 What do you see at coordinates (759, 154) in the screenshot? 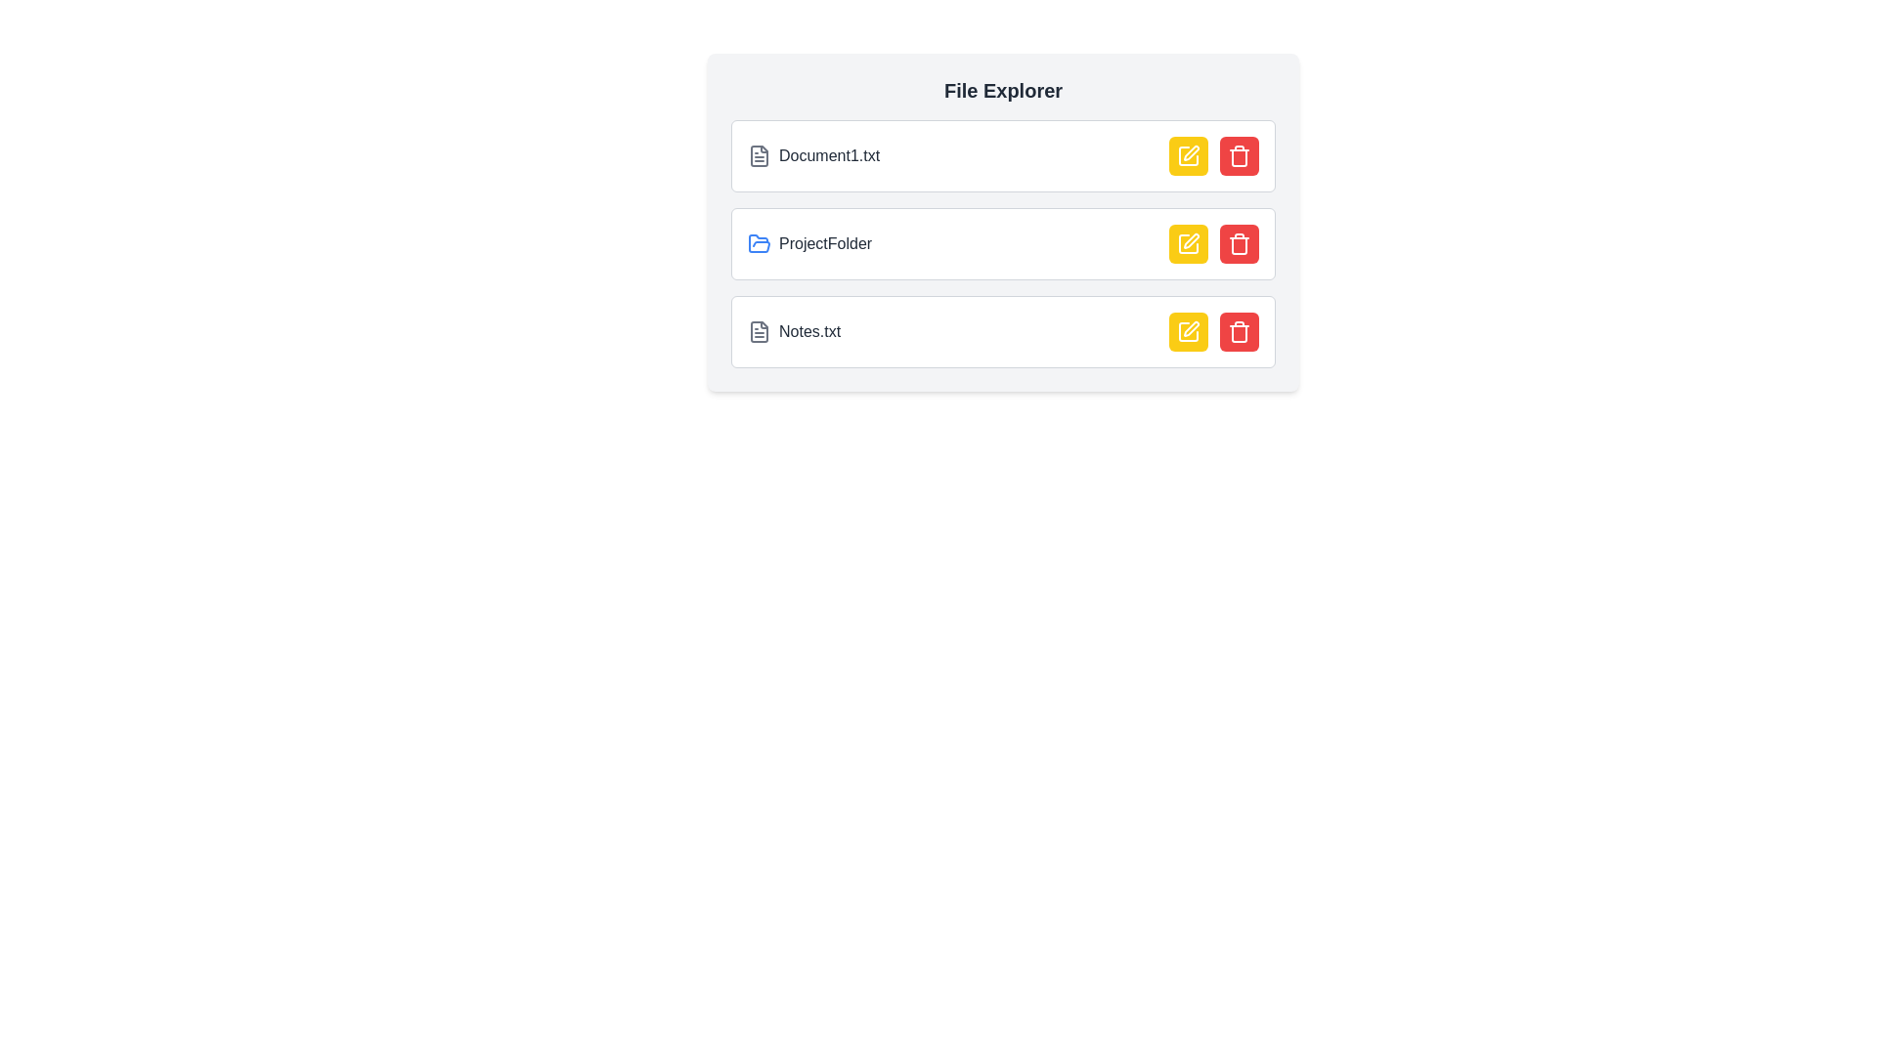
I see `the document icon located to the left of the text label 'Document1.txt' in the File Explorer interface` at bounding box center [759, 154].